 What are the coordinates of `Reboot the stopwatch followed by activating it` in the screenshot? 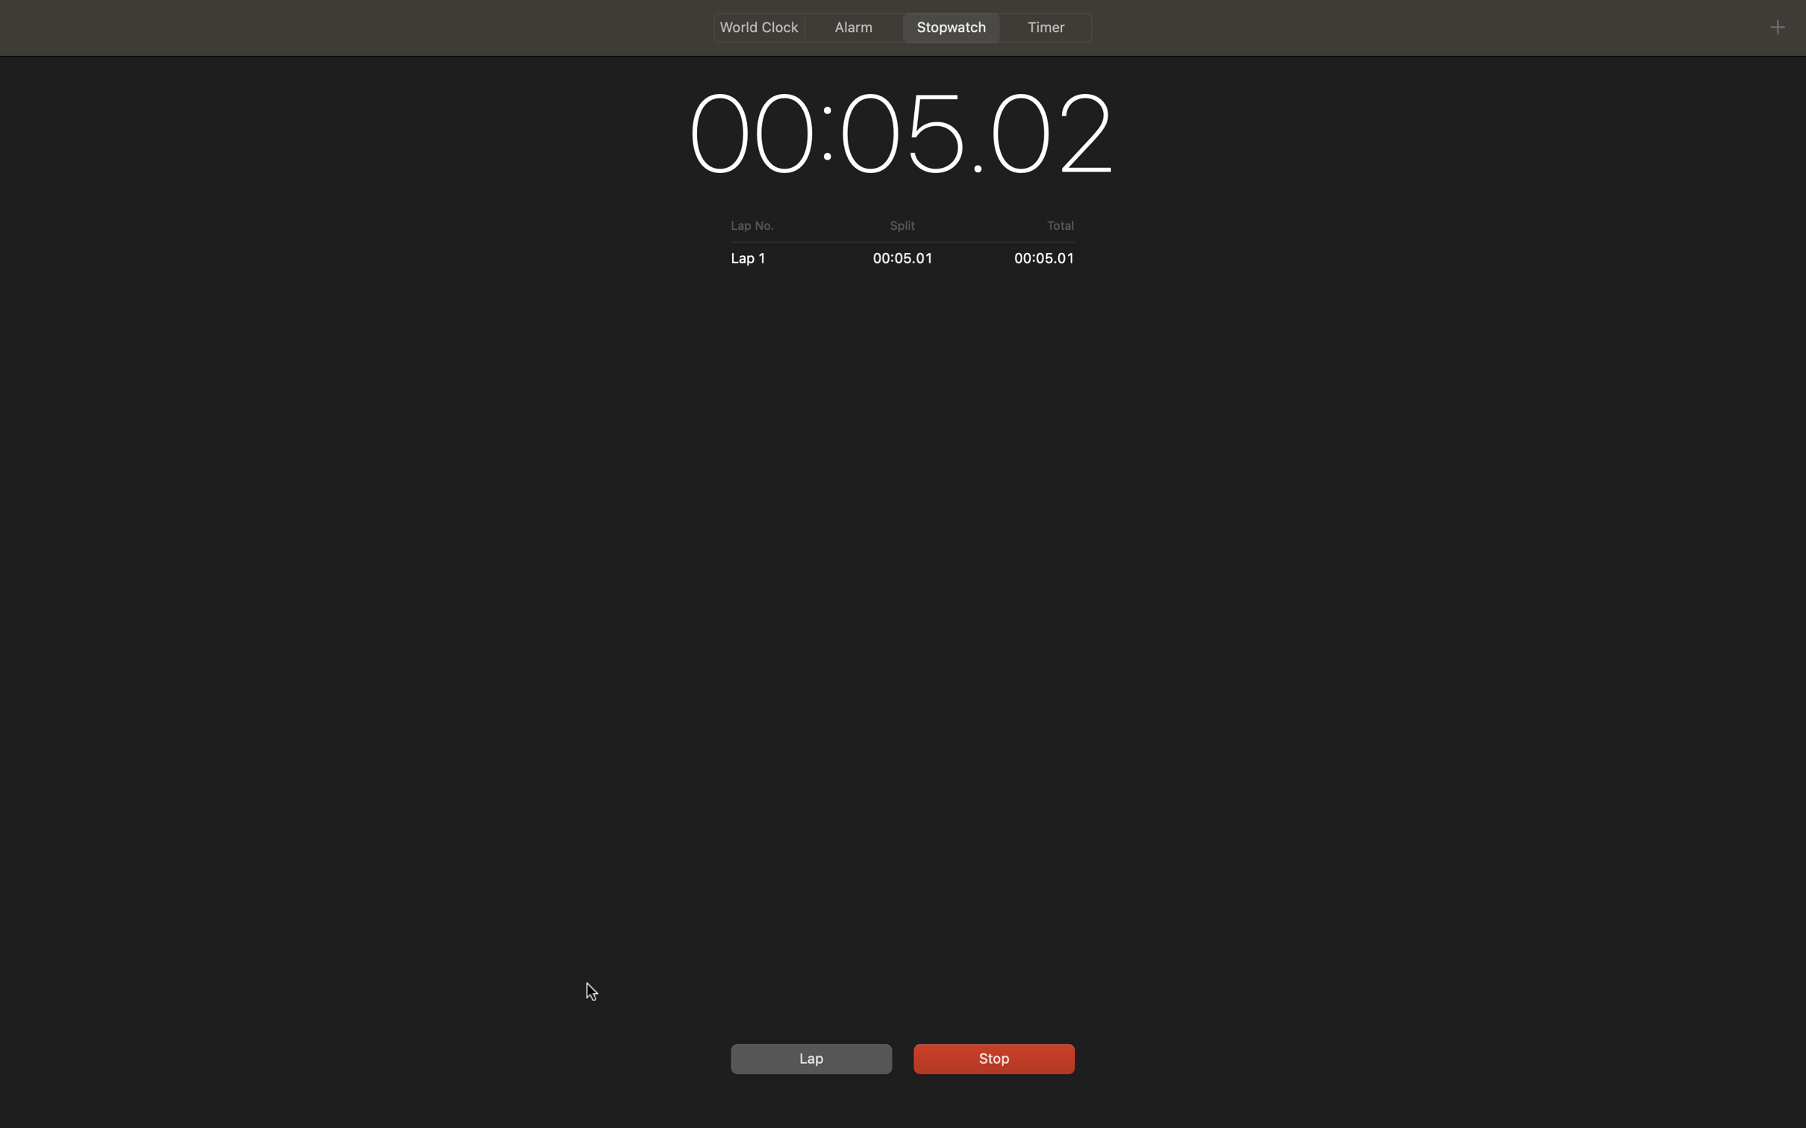 It's located at (808, 1058).